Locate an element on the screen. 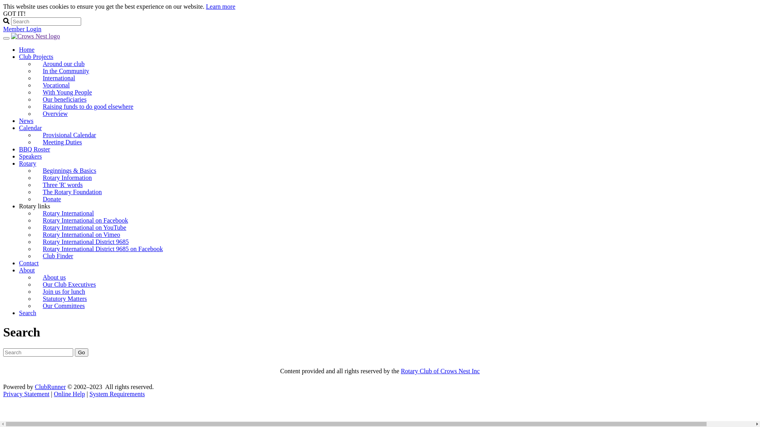 The width and height of the screenshot is (760, 427). 'In the Community' is located at coordinates (34, 70).